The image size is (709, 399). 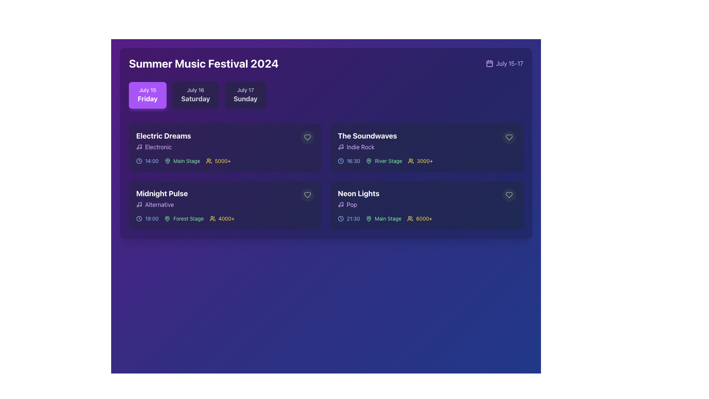 What do you see at coordinates (420, 160) in the screenshot?
I see `the text display styled in yellow with the content '3000+' and its accompanying icon for the audience count of the event 'The Soundwaves'. This element is located in the second column of the grid layout, adjacent to the indicators for time and stage, positioned after the 'River Stage' label` at bounding box center [420, 160].